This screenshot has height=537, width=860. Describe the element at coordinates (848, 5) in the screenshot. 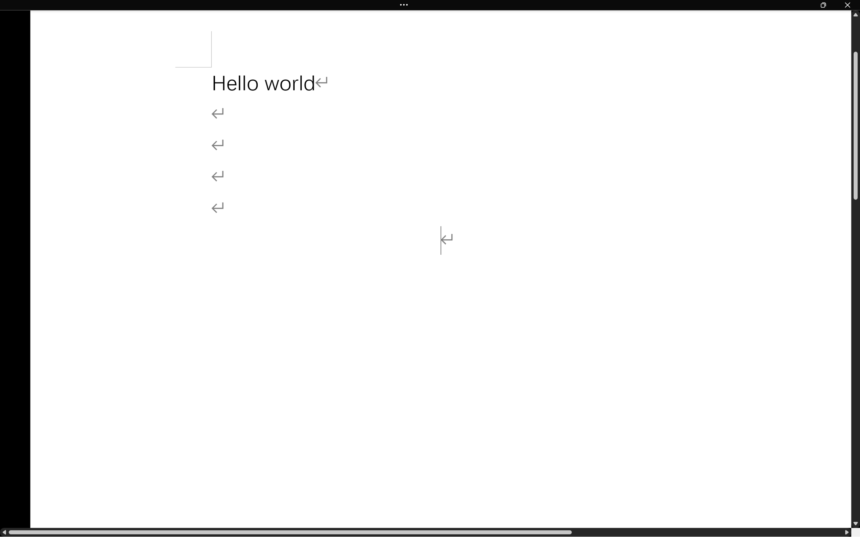

I see `'Close'` at that location.